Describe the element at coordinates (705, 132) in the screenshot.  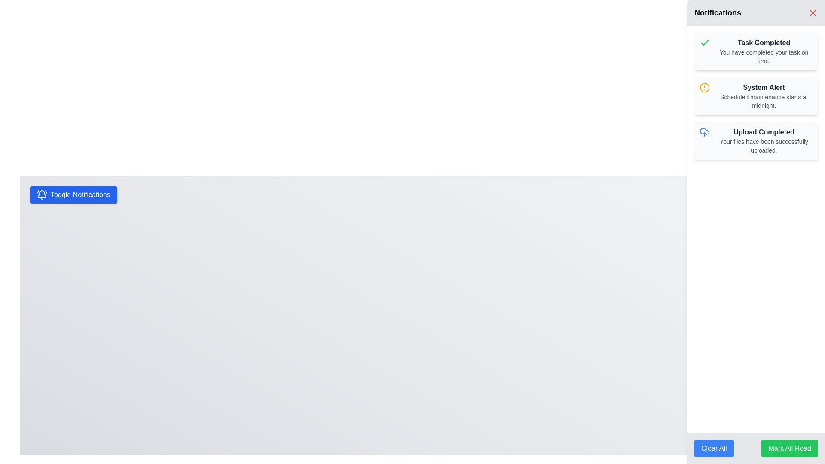
I see `the 'Upload Completed' notification icon, which is positioned to the left of the text content within the notification card` at that location.